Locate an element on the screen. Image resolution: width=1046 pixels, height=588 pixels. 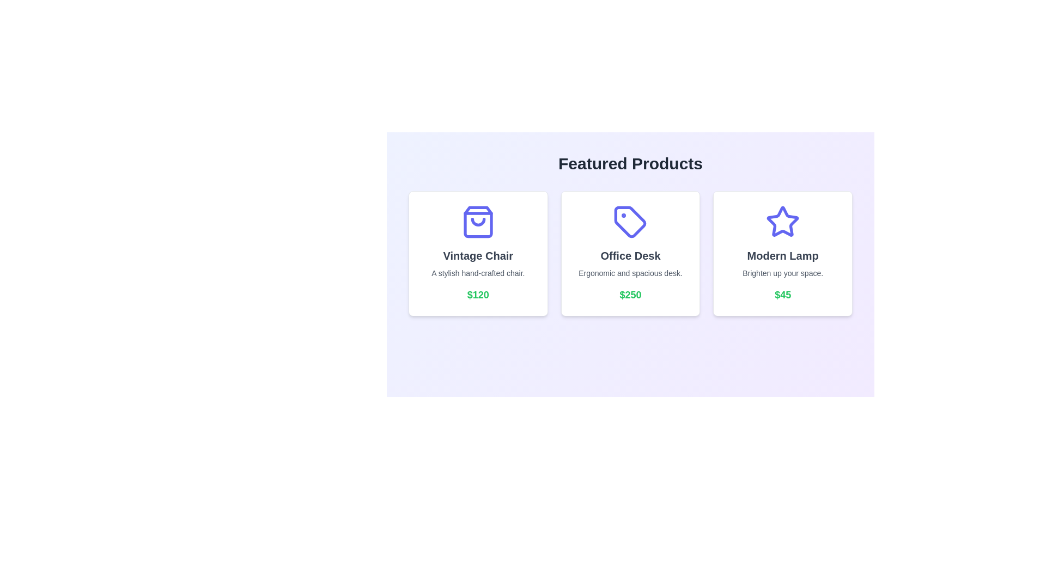
the icon representing a price tag located at the center-top of the second card for the 'Office Desk.' is located at coordinates (630, 222).